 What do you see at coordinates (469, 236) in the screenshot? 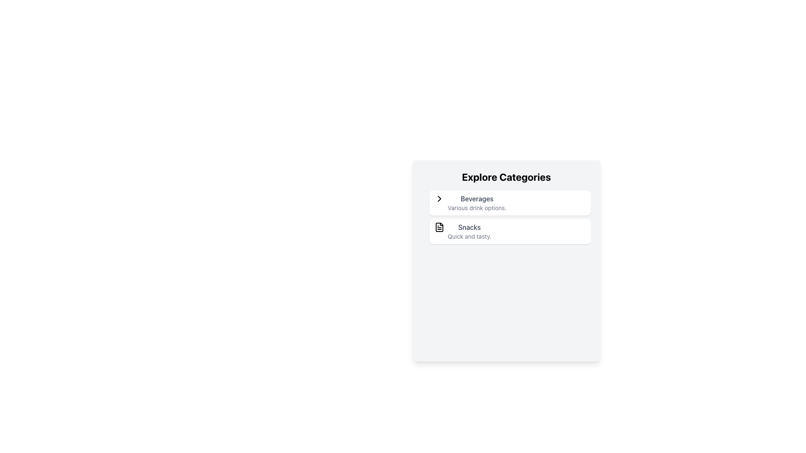
I see `descriptive text element located directly below the 'Snacks' label in the card-like structure for additional context` at bounding box center [469, 236].